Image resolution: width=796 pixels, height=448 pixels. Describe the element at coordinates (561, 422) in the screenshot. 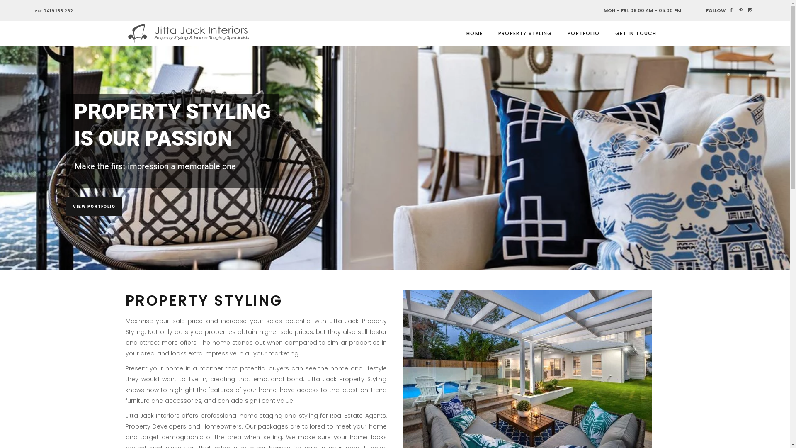

I see `'Get In Touch'` at that location.